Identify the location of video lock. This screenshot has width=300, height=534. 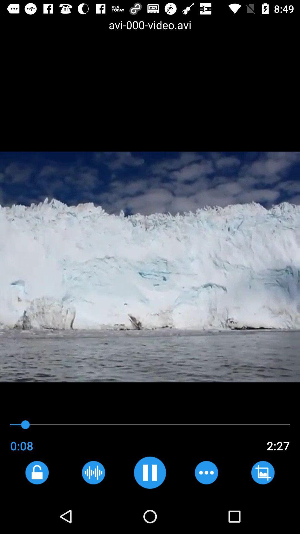
(37, 472).